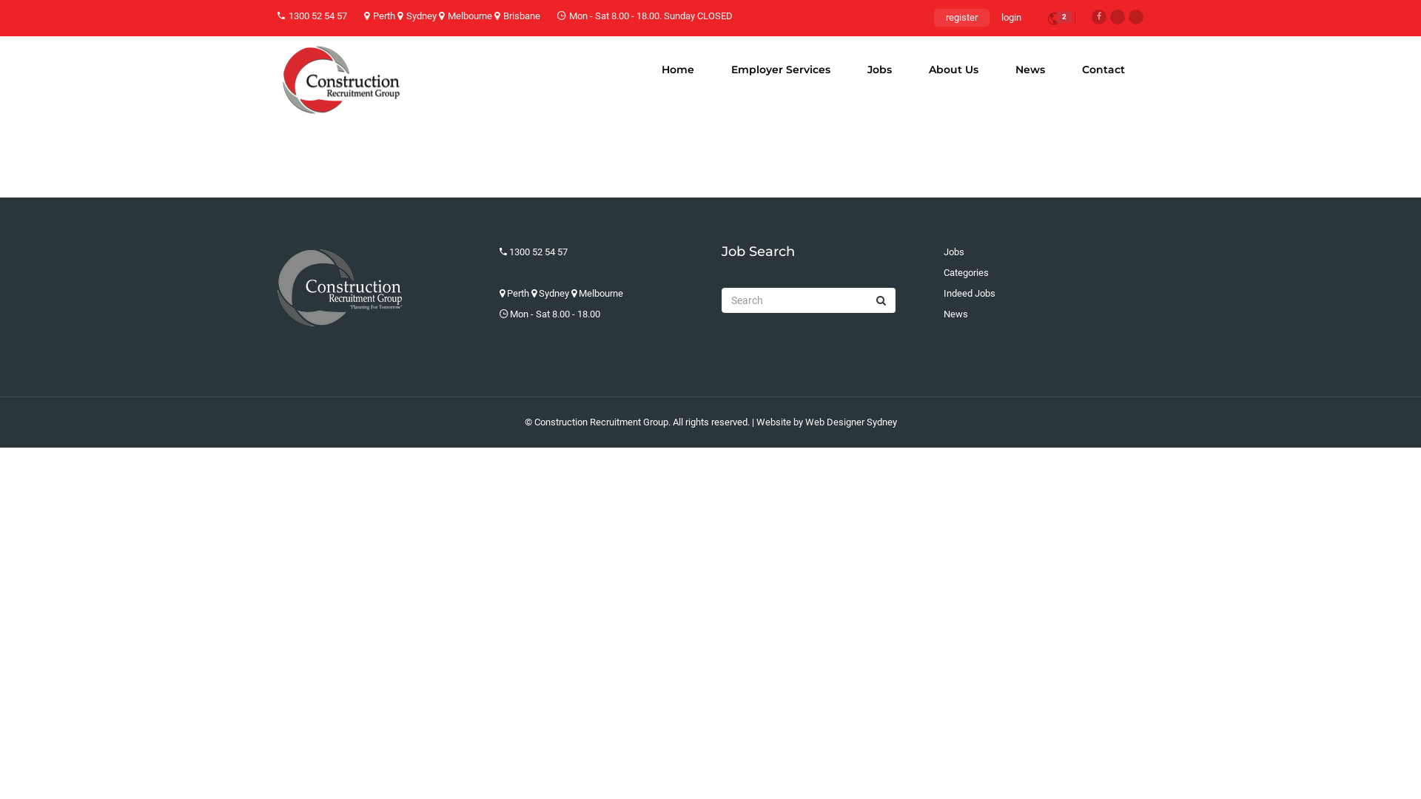 The image size is (1421, 799). What do you see at coordinates (537, 251) in the screenshot?
I see `'1300 52 54 57'` at bounding box center [537, 251].